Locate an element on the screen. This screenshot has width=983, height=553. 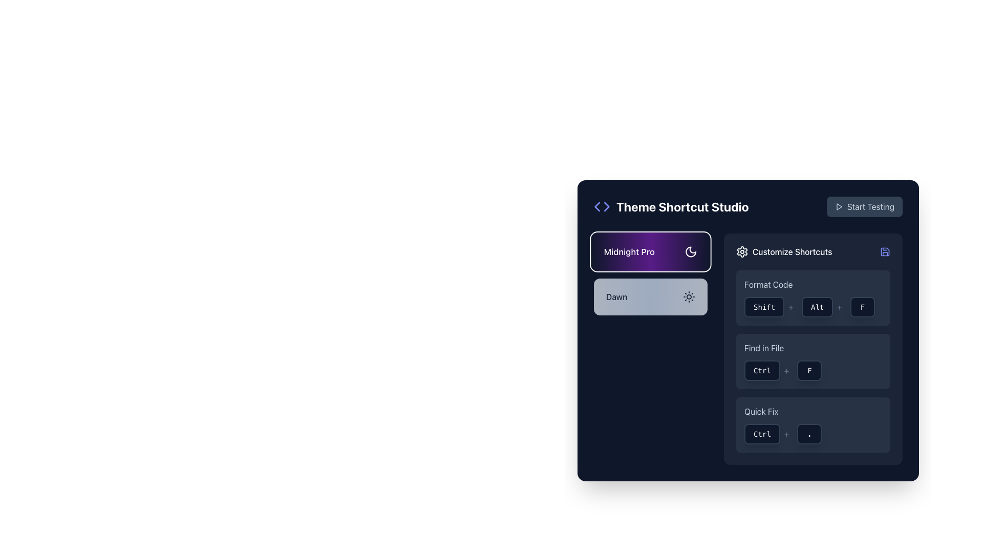
the Information display panel located in the right panel under 'Customize Shortcuts', adjacent to 'Midnight Pro' and 'Dawn' is located at coordinates (813, 349).